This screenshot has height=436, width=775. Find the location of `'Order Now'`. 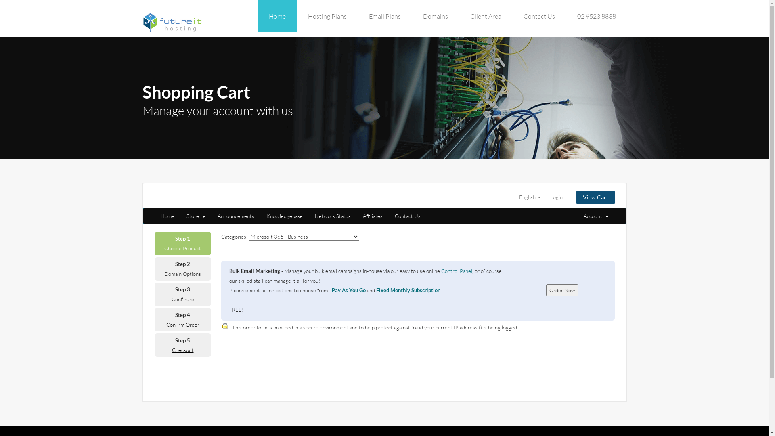

'Order Now' is located at coordinates (561, 289).